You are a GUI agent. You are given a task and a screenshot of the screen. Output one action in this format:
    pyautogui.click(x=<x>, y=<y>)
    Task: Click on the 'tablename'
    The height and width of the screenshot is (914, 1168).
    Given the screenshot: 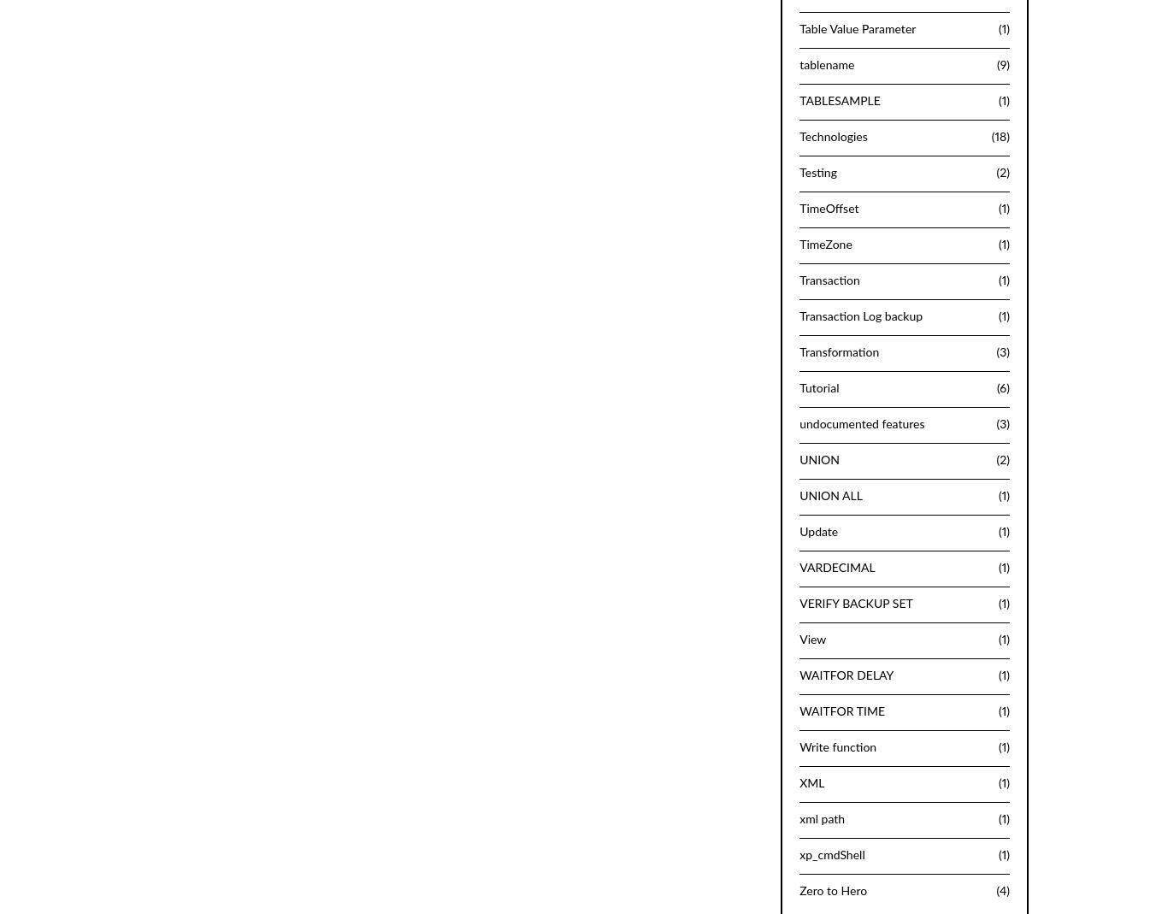 What is the action you would take?
    pyautogui.click(x=799, y=64)
    